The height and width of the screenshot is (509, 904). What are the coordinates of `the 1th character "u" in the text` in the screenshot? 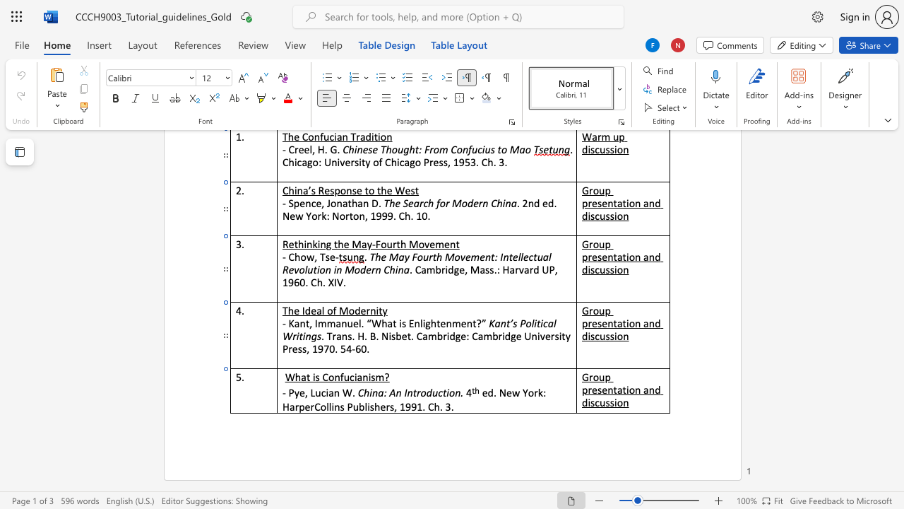 It's located at (346, 376).